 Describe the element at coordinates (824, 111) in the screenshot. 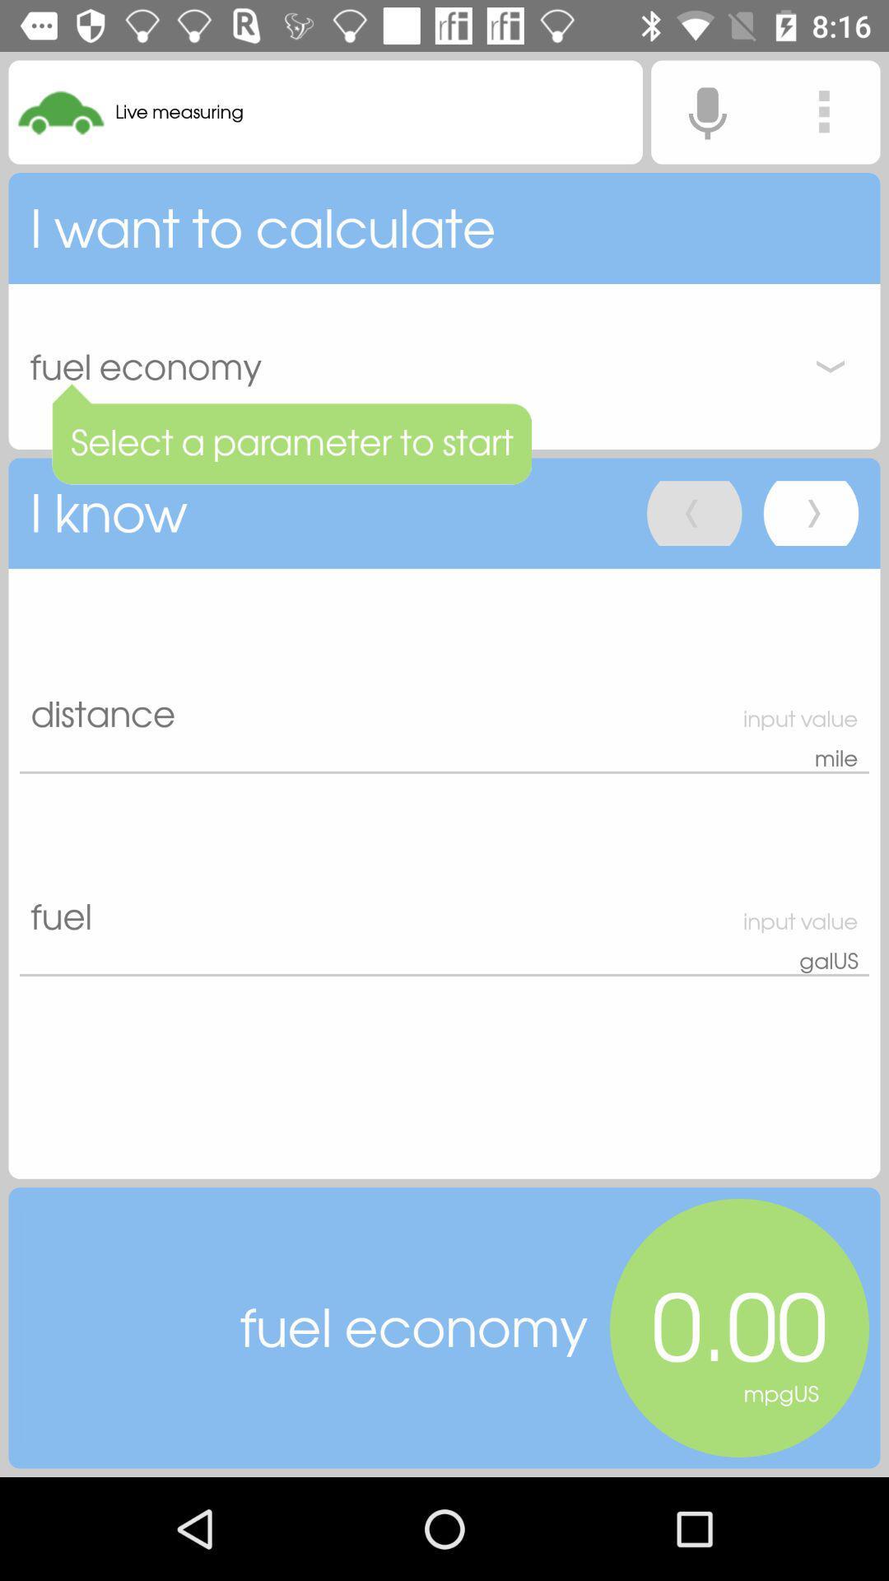

I see `the more icon` at that location.